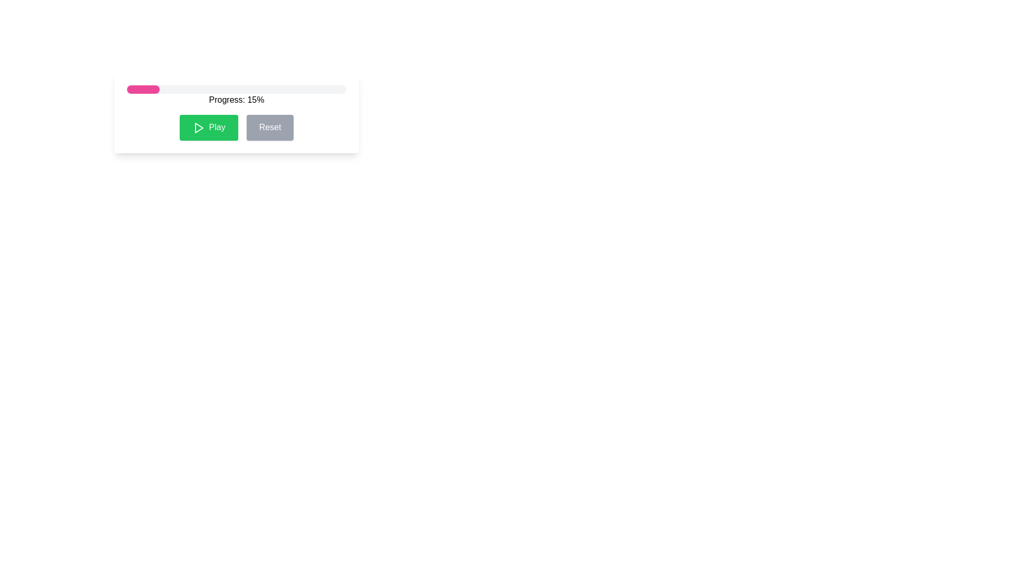  I want to click on the triangular play icon within the green 'Play' button to initiate play, so click(198, 127).